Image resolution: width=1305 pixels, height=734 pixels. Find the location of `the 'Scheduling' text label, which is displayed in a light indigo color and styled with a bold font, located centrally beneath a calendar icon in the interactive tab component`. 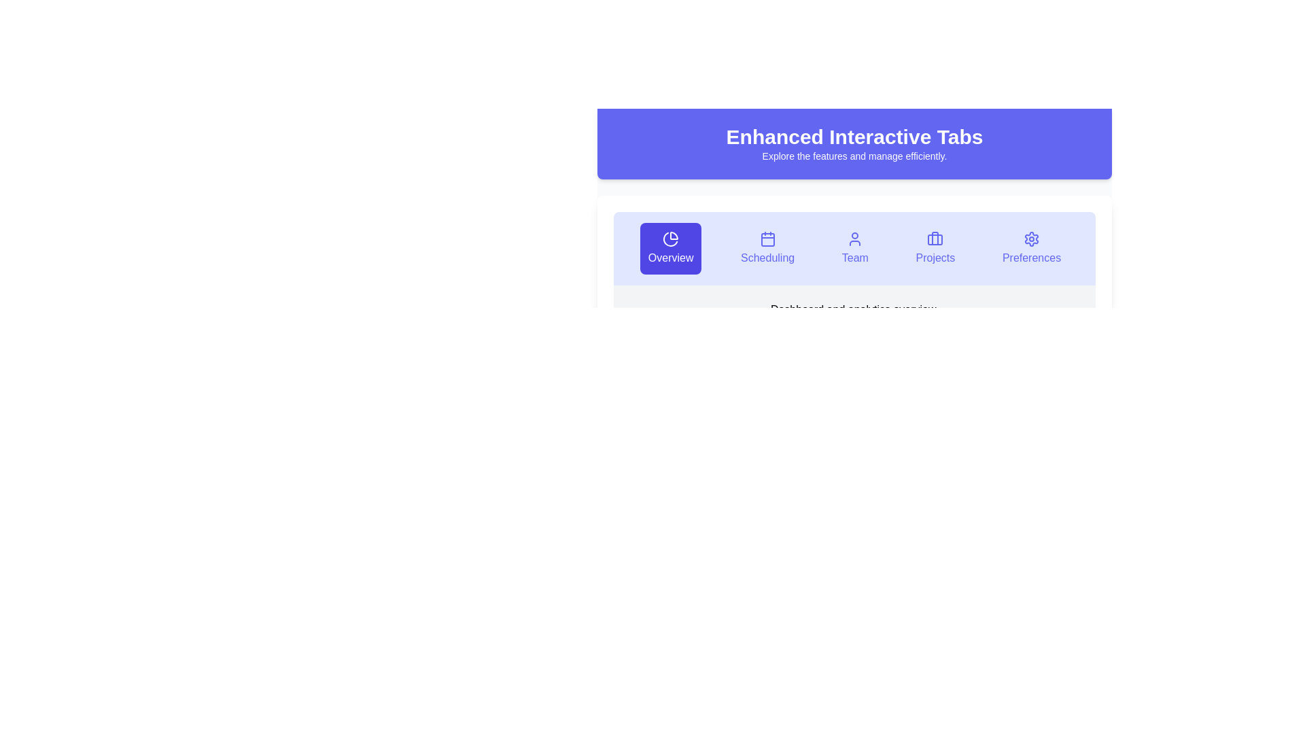

the 'Scheduling' text label, which is displayed in a light indigo color and styled with a bold font, located centrally beneath a calendar icon in the interactive tab component is located at coordinates (767, 258).